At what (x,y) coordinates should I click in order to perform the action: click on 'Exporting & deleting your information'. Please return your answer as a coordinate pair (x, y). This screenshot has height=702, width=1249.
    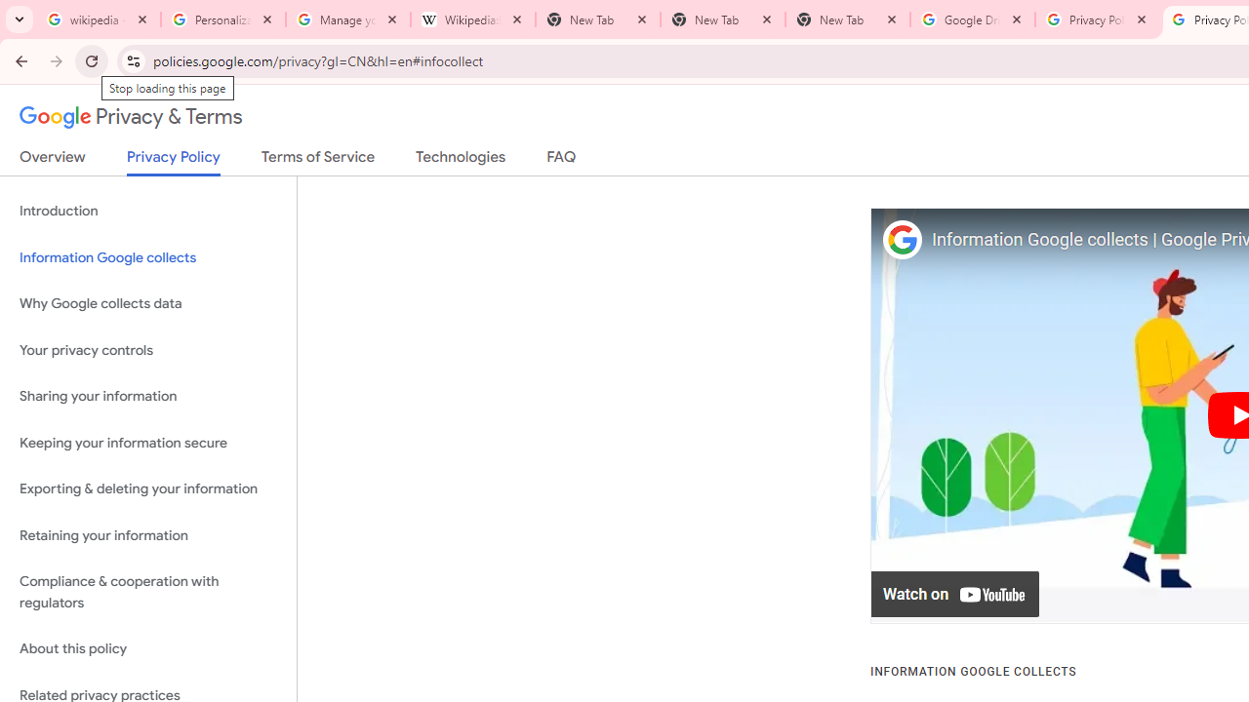
    Looking at the image, I should click on (147, 488).